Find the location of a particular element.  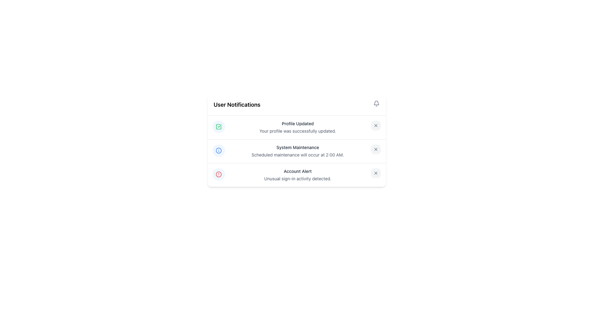

the second notification item that informs about scheduled system maintenance is located at coordinates (296, 151).